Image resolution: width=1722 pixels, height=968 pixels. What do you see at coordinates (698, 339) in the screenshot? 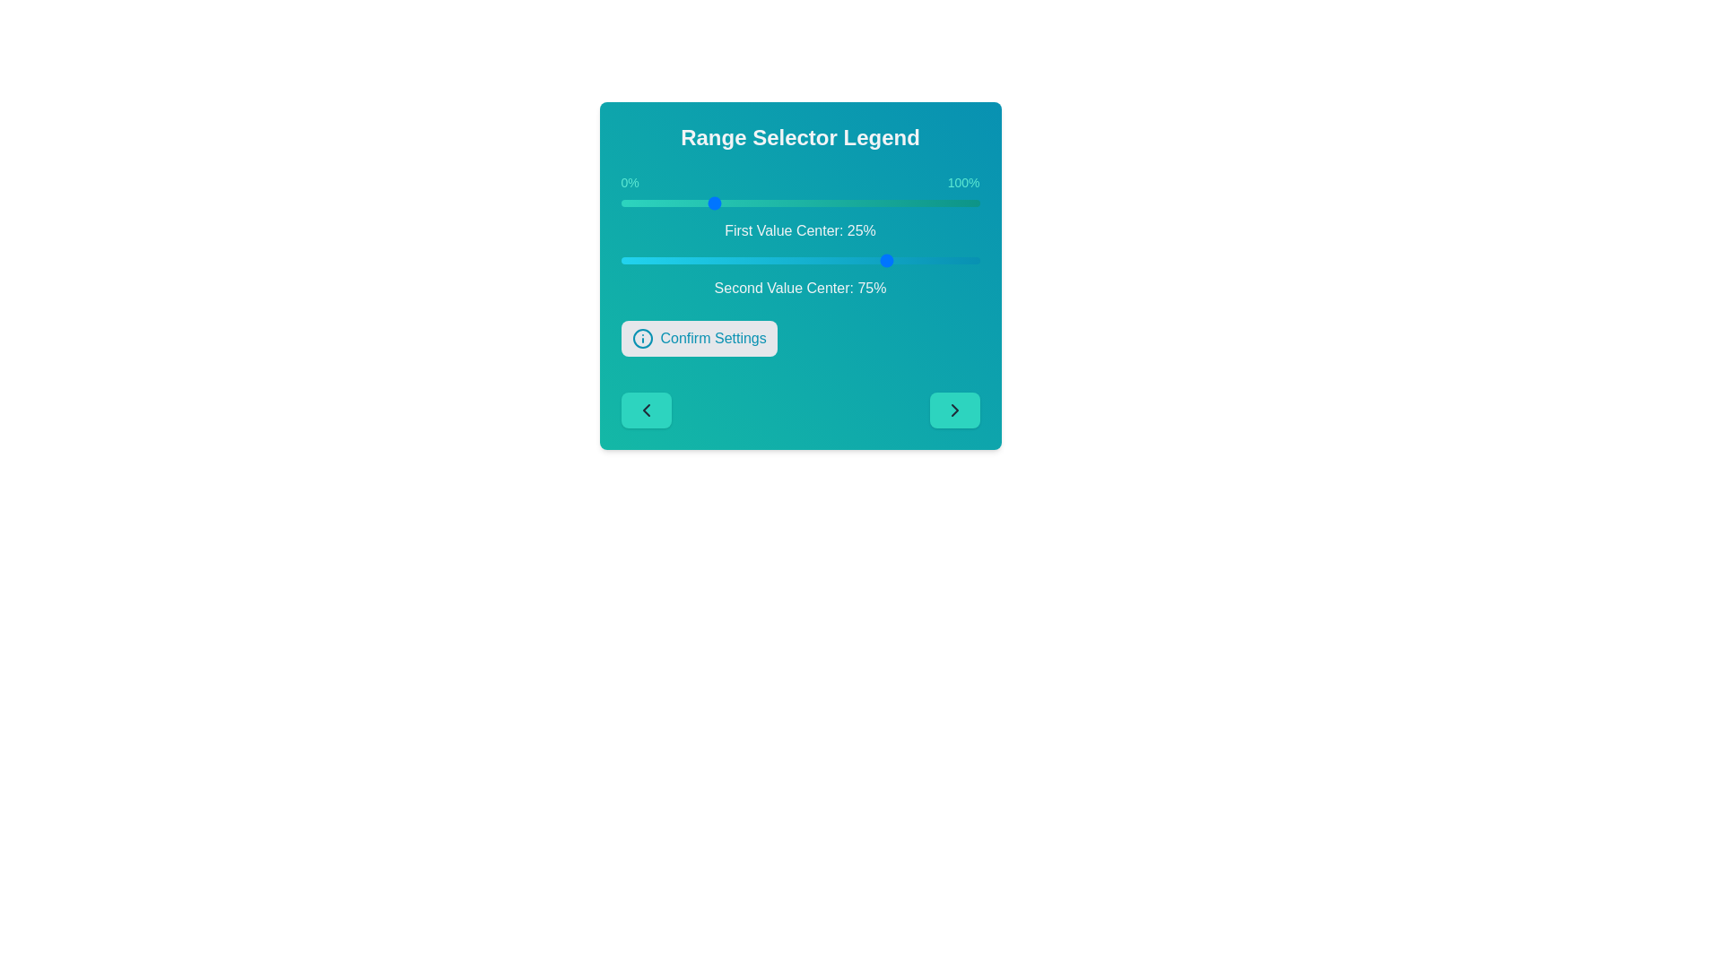
I see `the confirm button located at the bottom of the 'Range Selector Legend' card, positioned between the left and right navigation buttons, to confirm the current settings` at bounding box center [698, 339].